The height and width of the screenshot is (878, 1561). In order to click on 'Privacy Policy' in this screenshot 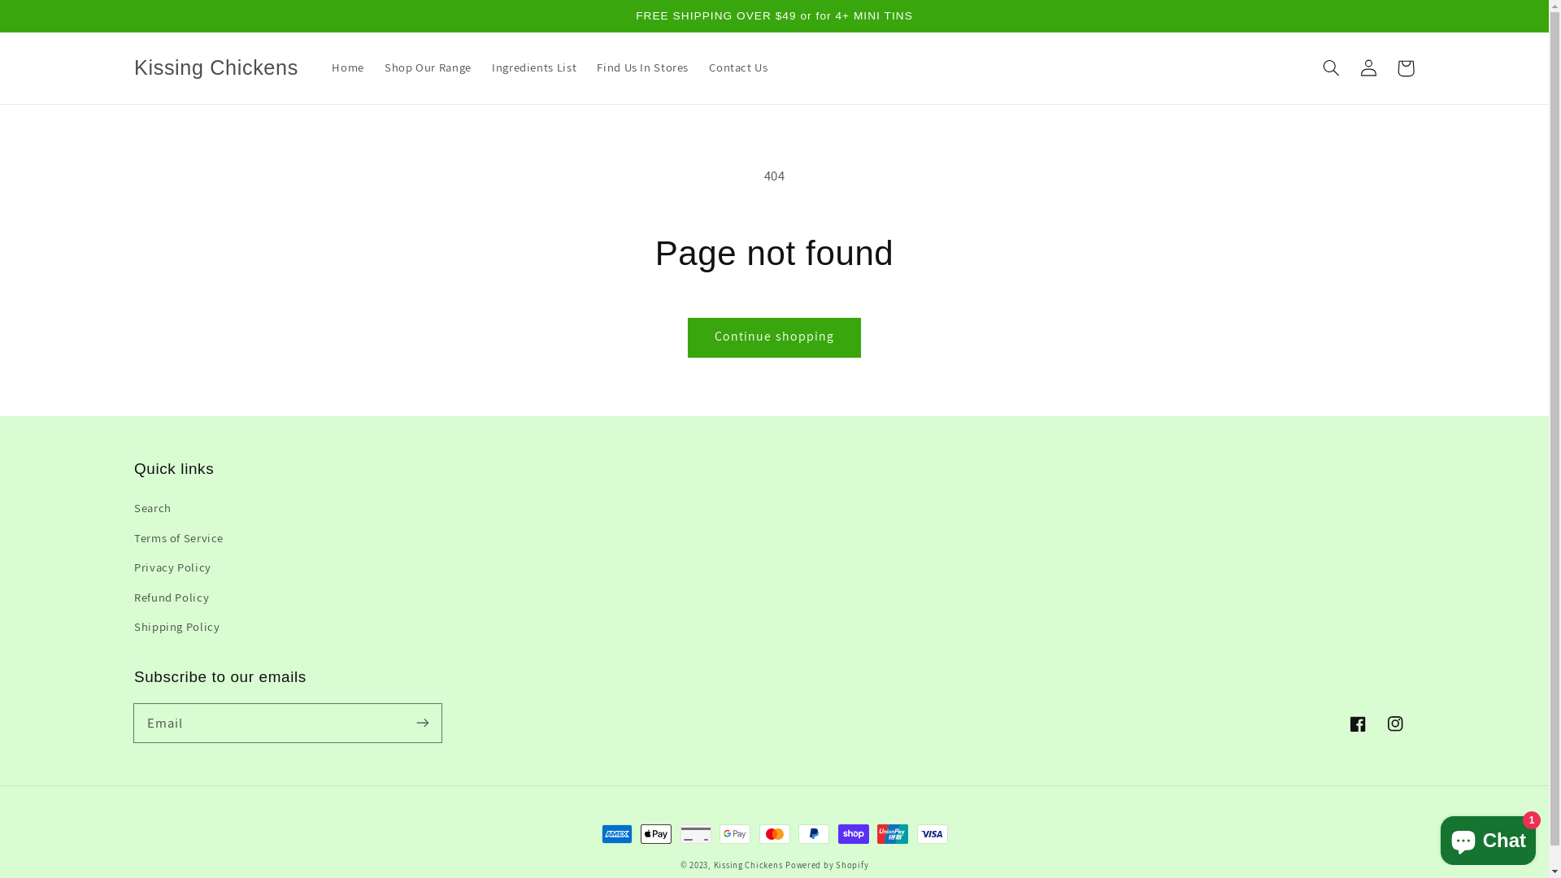, I will do `click(172, 567)`.